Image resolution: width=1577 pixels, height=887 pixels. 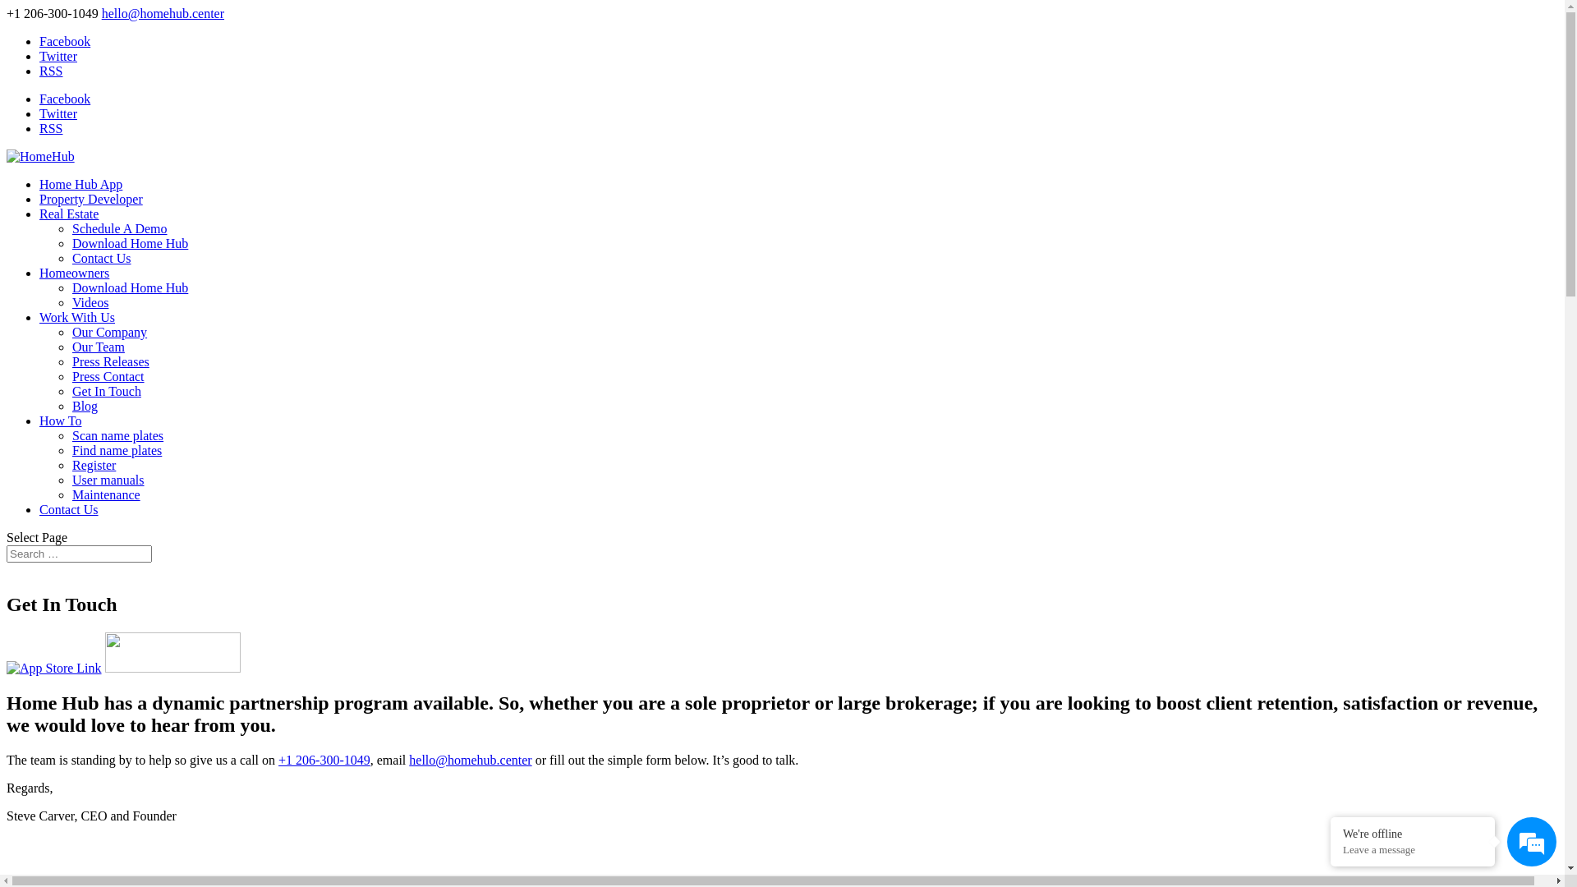 What do you see at coordinates (84, 406) in the screenshot?
I see `'Blog'` at bounding box center [84, 406].